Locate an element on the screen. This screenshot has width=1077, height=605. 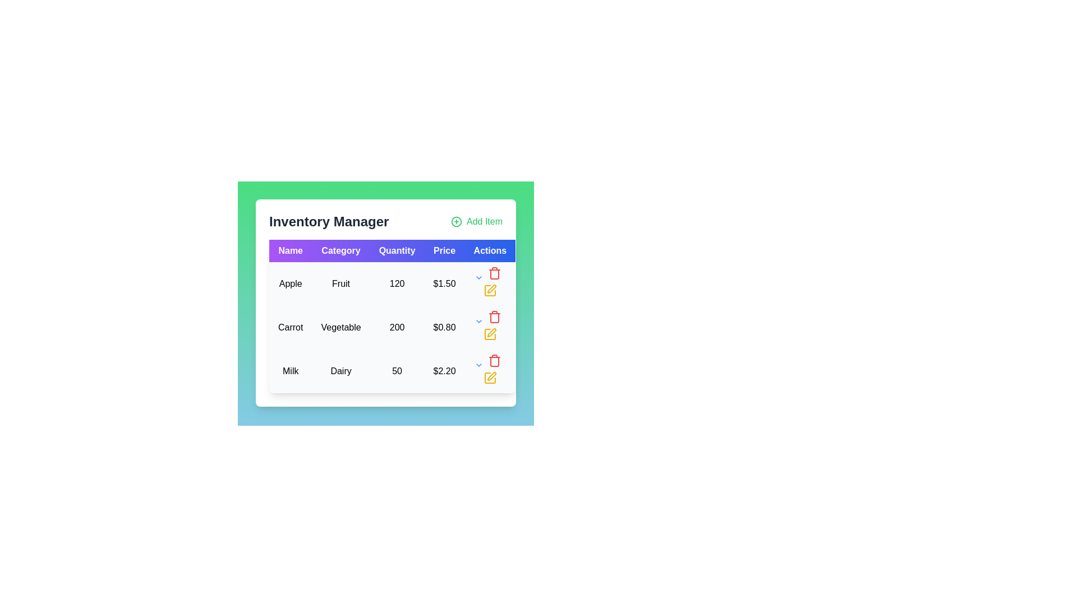
text 'Vegetable' from the text label in the second column of the table under the 'Category' header, corresponding to the second row where the first cell contains 'Carrot' is located at coordinates (340, 328).